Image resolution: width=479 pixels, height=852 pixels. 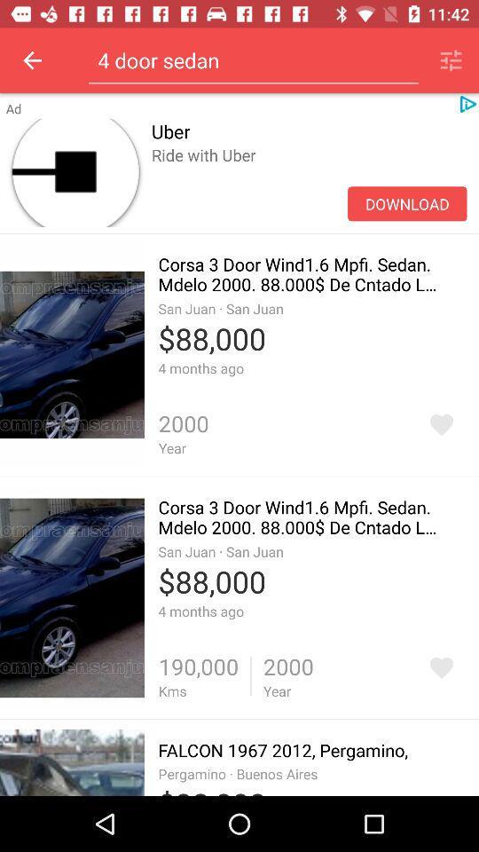 I want to click on download item, so click(x=407, y=203).